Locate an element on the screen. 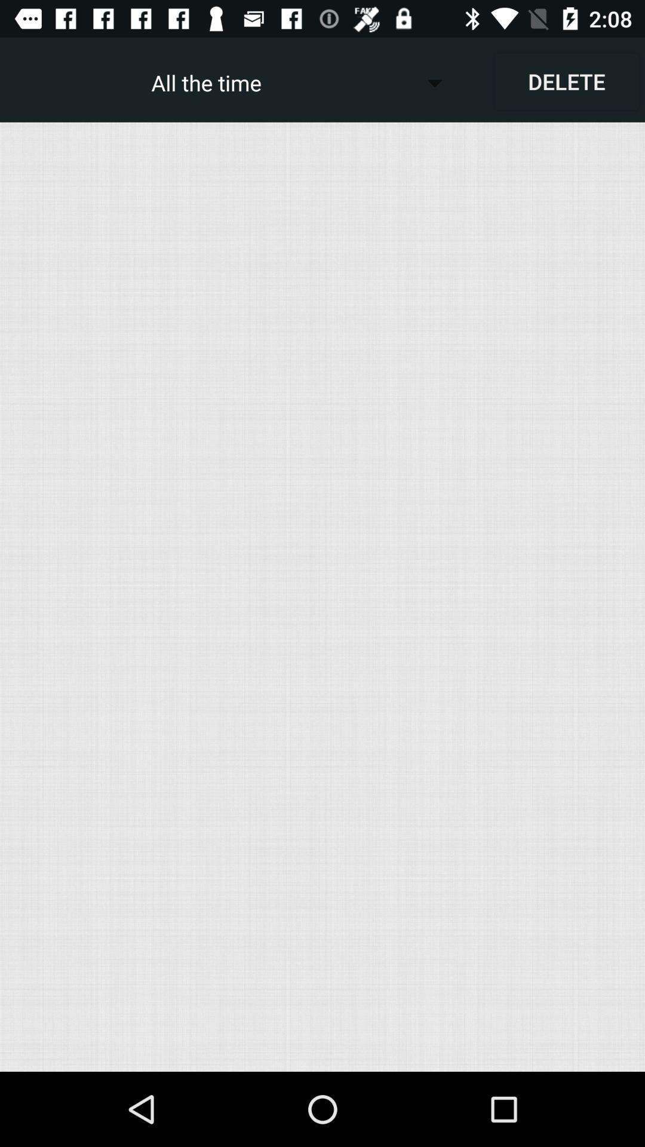 Image resolution: width=645 pixels, height=1147 pixels. app next to the all the time item is located at coordinates (566, 81).